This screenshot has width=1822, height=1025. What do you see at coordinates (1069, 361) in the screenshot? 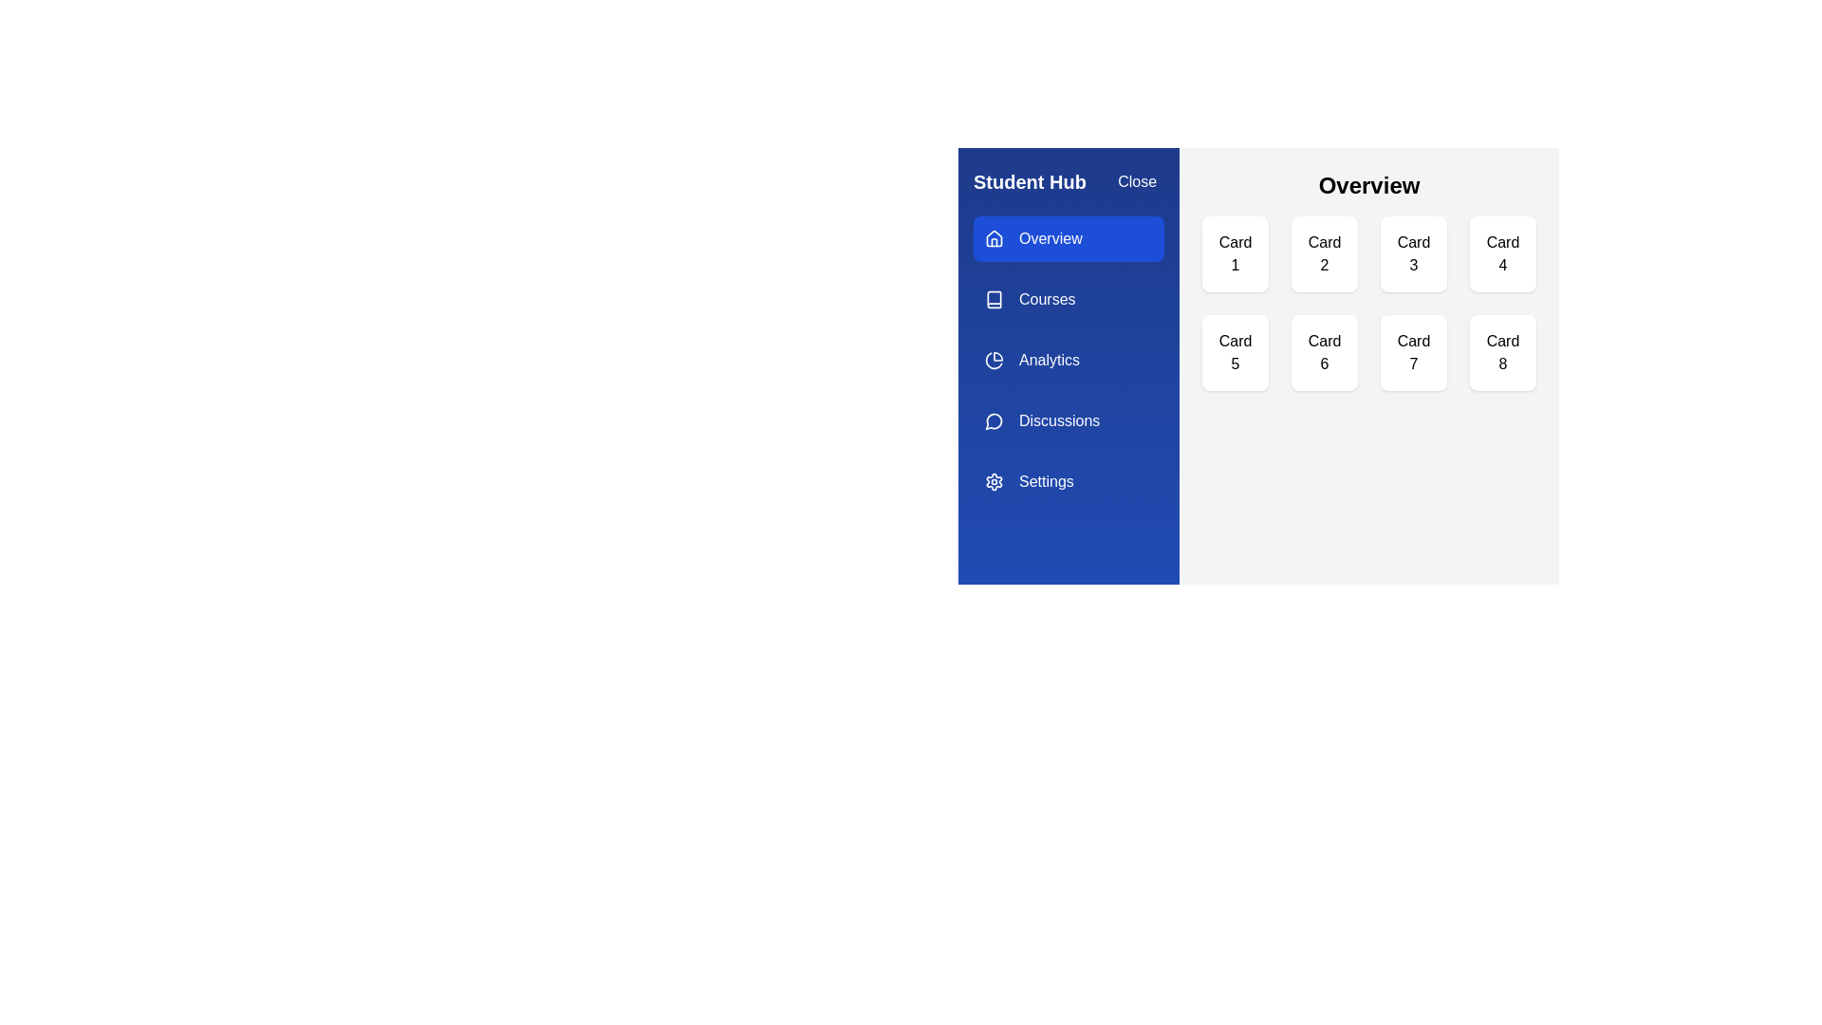
I see `the tab labeled Analytics to navigate to it` at bounding box center [1069, 361].